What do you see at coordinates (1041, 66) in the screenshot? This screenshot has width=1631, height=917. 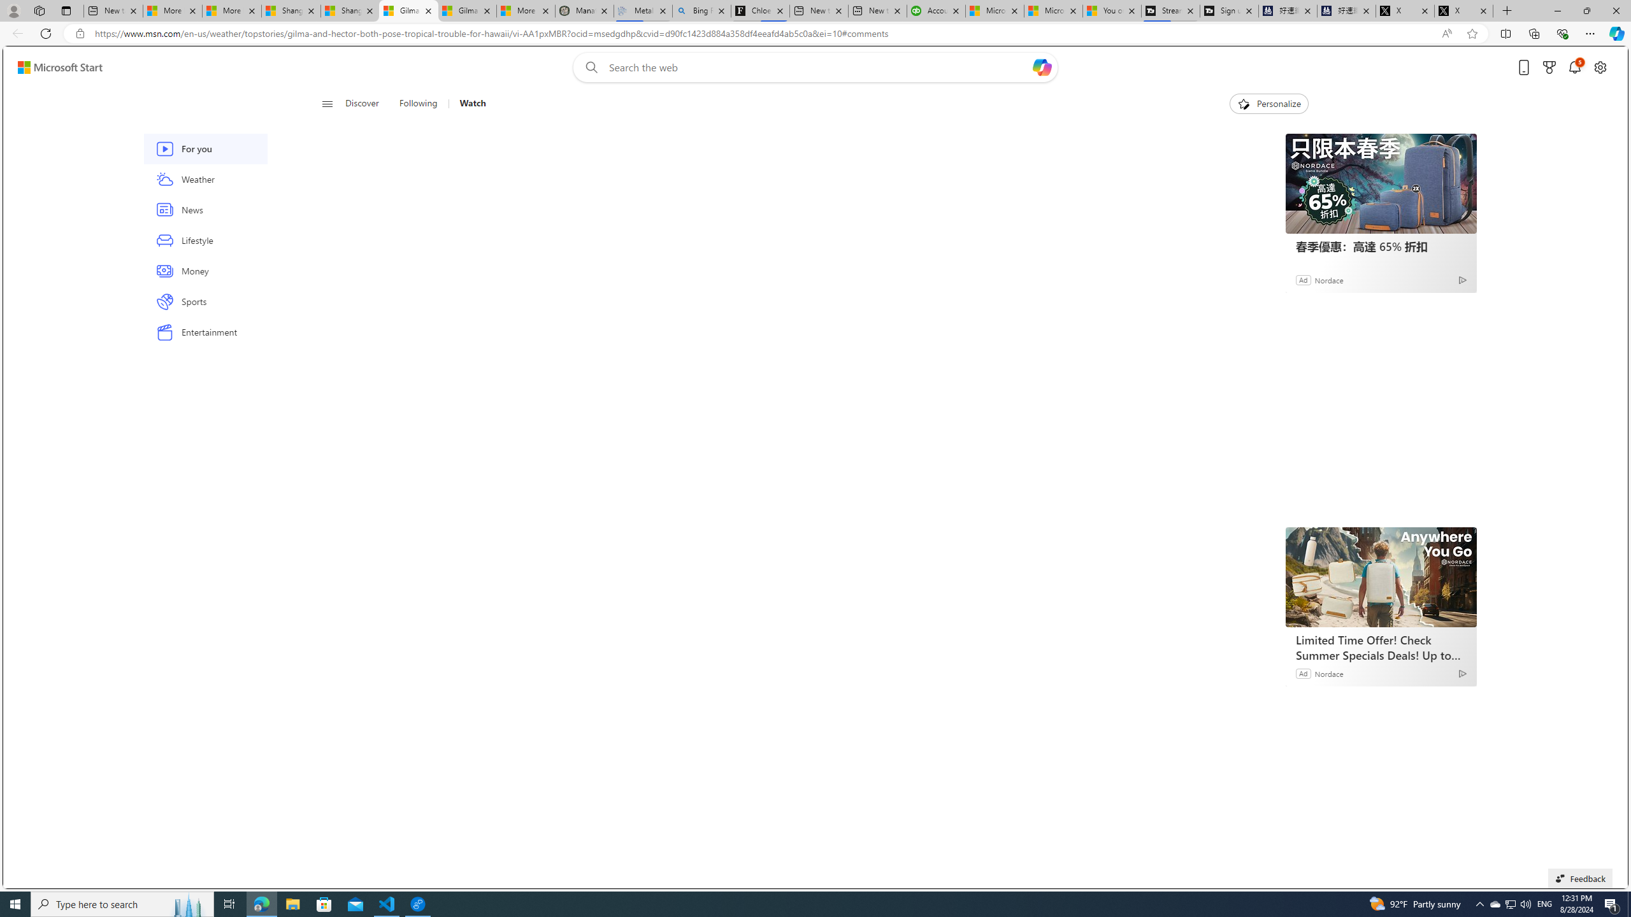 I see `'Open Copilot'` at bounding box center [1041, 66].